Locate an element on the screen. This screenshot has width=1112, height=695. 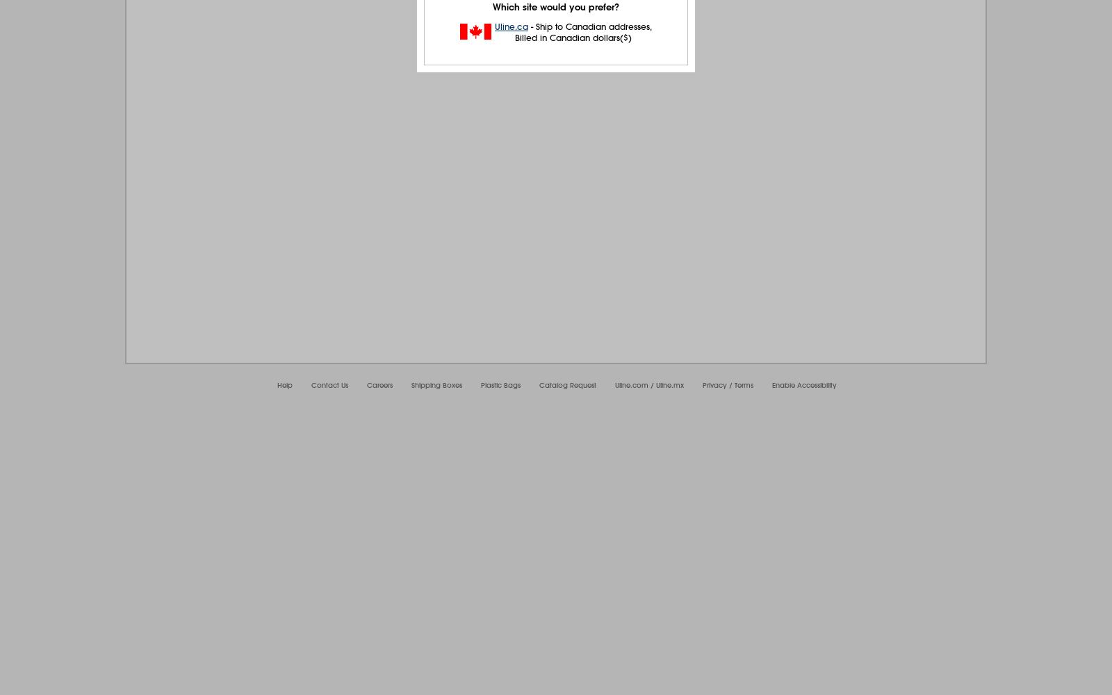
'Plastic Bags' is located at coordinates (500, 385).